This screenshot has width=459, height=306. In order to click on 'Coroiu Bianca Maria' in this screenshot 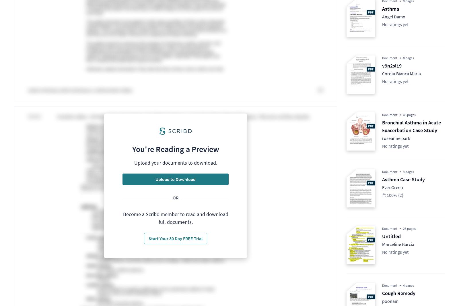, I will do `click(401, 73)`.